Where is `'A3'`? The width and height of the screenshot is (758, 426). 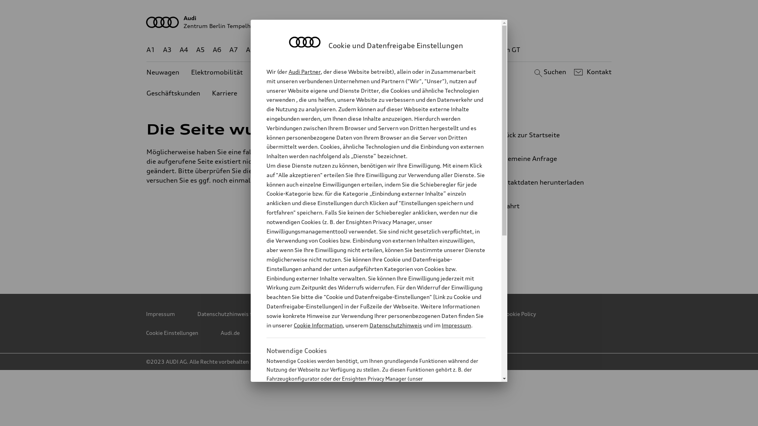 'A3' is located at coordinates (167, 50).